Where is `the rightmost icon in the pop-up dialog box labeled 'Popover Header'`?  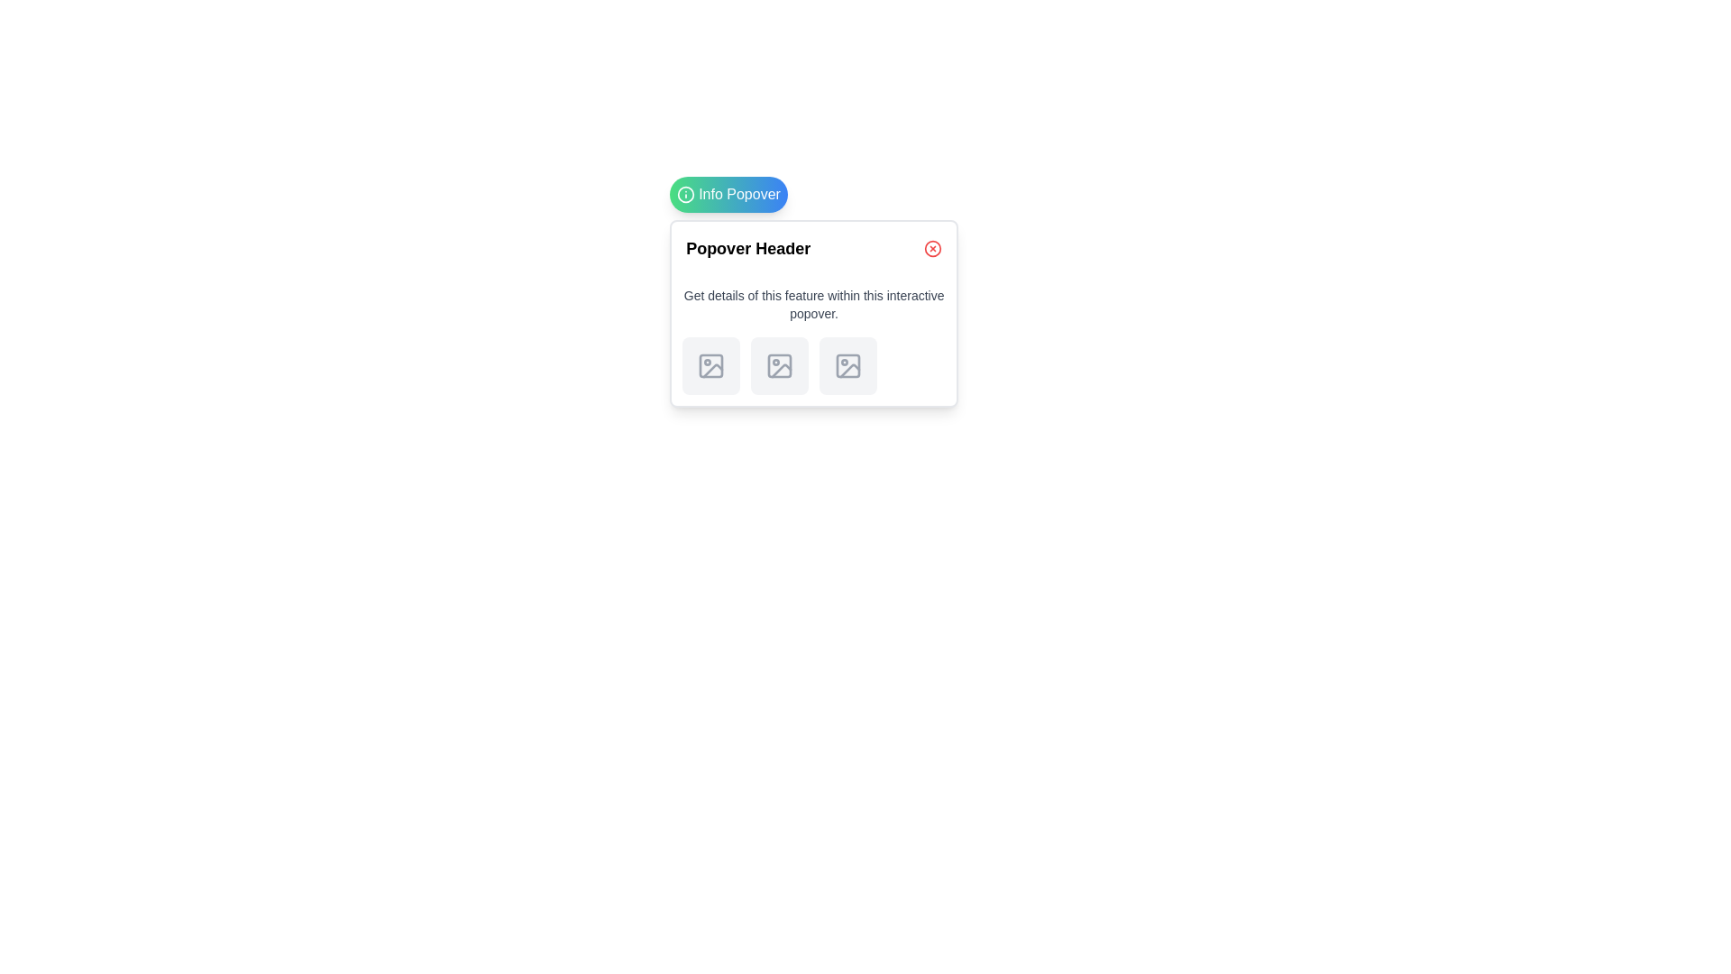 the rightmost icon in the pop-up dialog box labeled 'Popover Header' is located at coordinates (847, 365).